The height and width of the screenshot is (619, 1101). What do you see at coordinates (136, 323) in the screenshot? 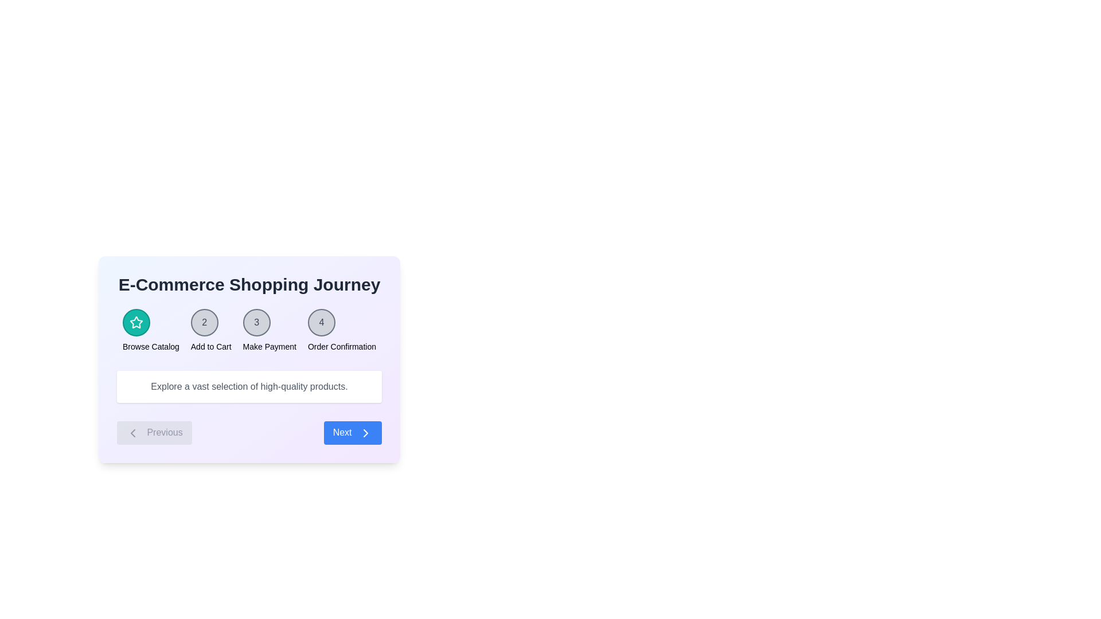
I see `the circular navigational button with a teal background and a white star outline, located above the text 'Browse Catalog'` at bounding box center [136, 323].